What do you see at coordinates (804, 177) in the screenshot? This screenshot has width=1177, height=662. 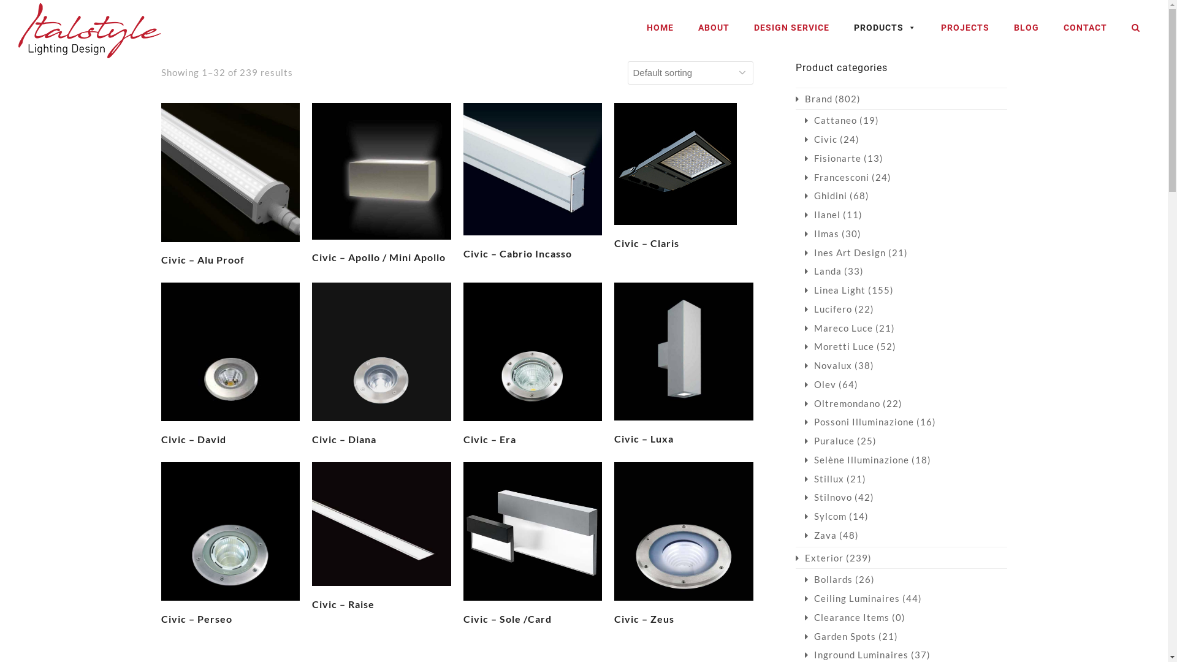 I see `'Francesconi'` at bounding box center [804, 177].